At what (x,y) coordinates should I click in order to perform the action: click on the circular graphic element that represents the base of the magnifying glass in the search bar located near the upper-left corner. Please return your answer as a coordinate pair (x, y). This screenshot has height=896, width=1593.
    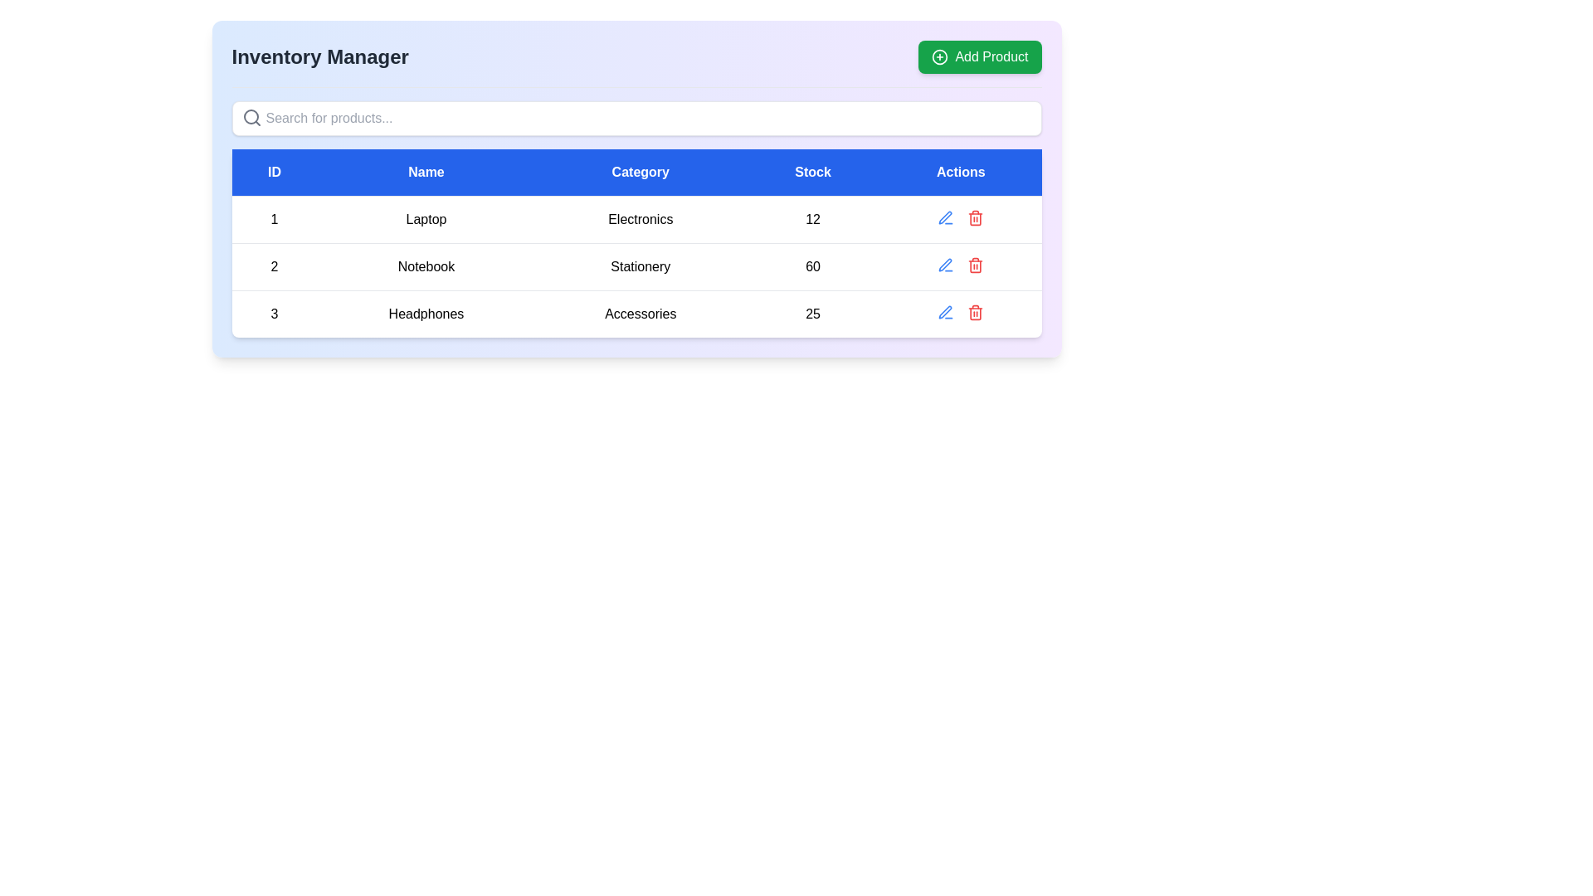
    Looking at the image, I should click on (250, 116).